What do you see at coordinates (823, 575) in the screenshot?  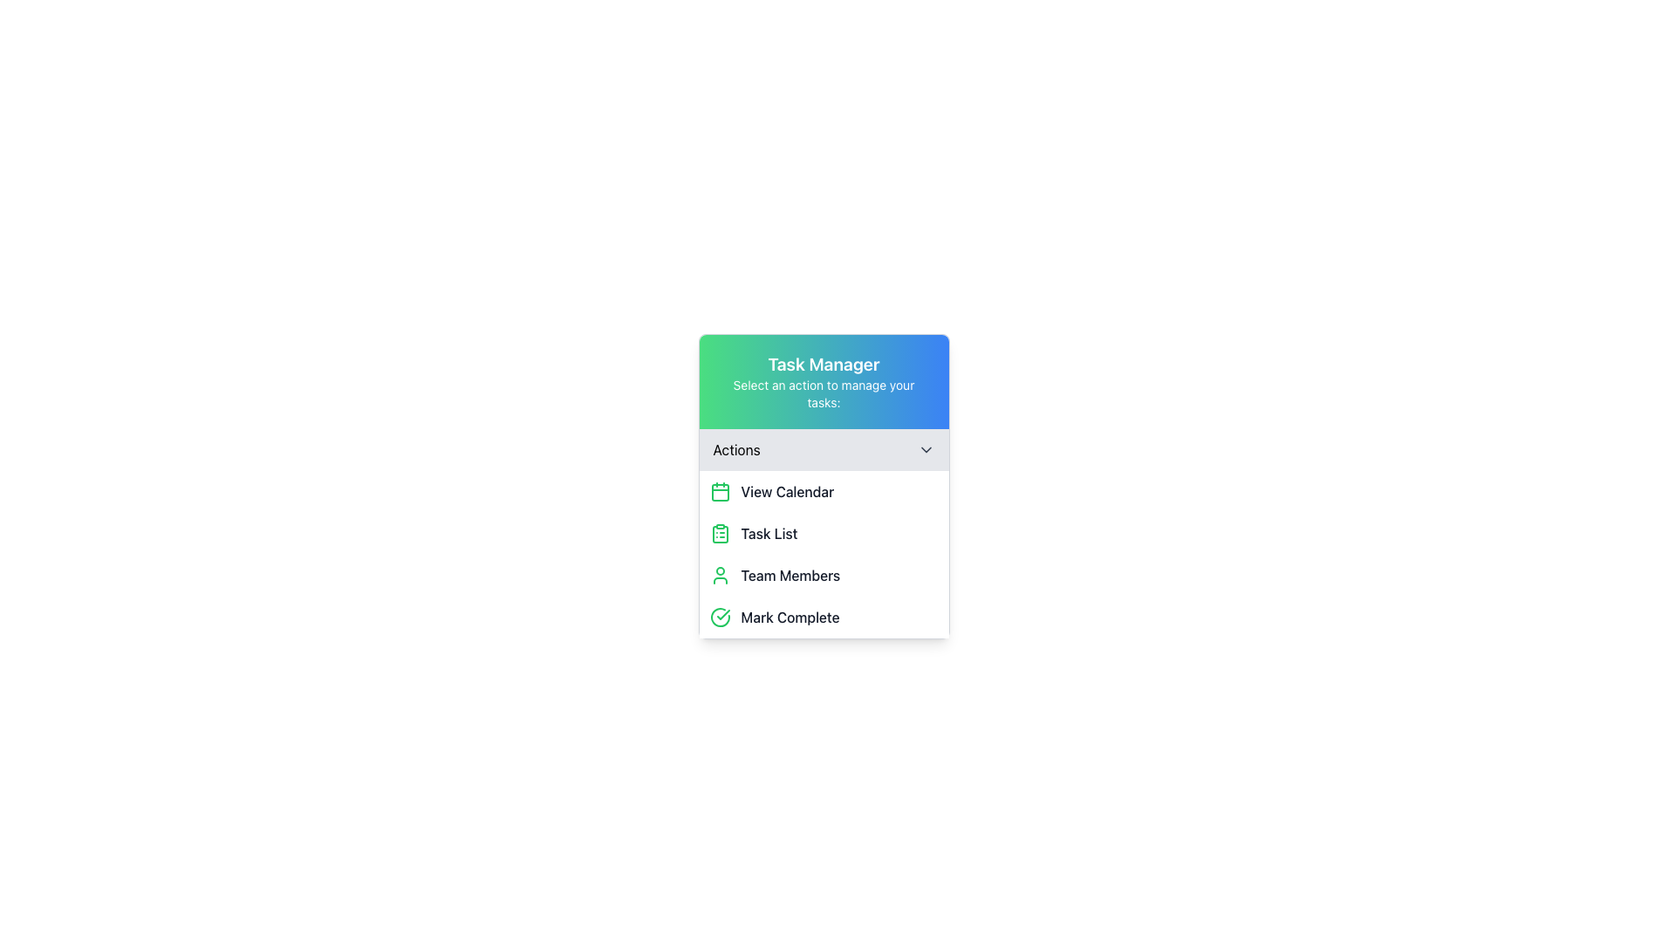 I see `the third option in the vertical list under the 'Task Manager' panel` at bounding box center [823, 575].